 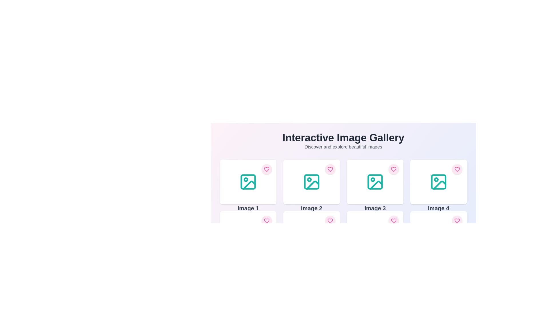 I want to click on the interactive card located in the top-left corner of the grid layout, which features a white background, rounded corners, a teal image outline icon in the center, and a pink heart icon in the top-right corner, so click(x=248, y=182).